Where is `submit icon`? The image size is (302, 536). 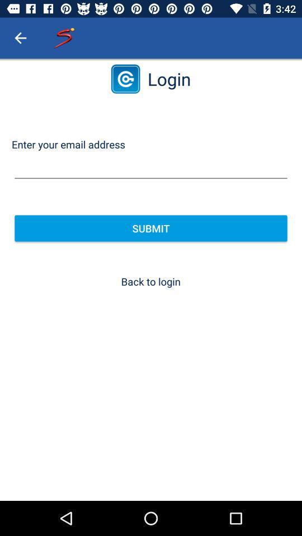 submit icon is located at coordinates (151, 228).